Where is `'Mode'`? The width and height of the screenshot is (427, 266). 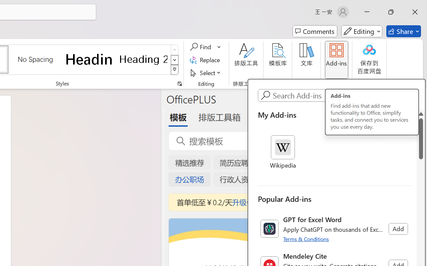 'Mode' is located at coordinates (361, 31).